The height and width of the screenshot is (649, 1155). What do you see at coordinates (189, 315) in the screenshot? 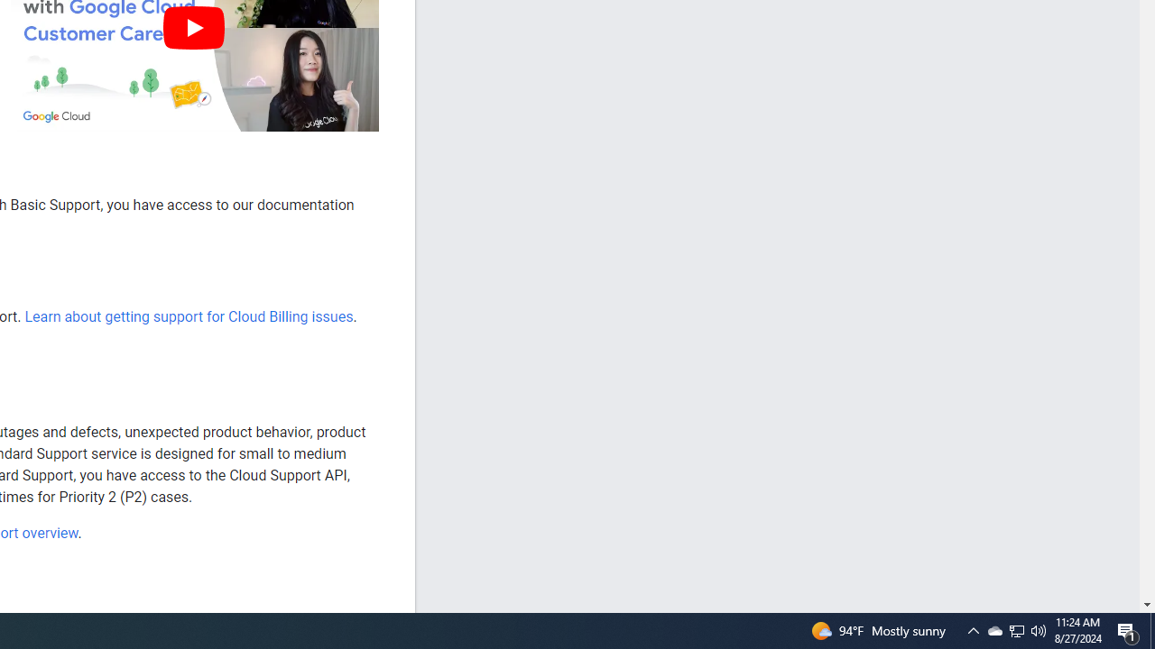
I see `'Learn about getting support for Cloud Billing issues'` at bounding box center [189, 315].